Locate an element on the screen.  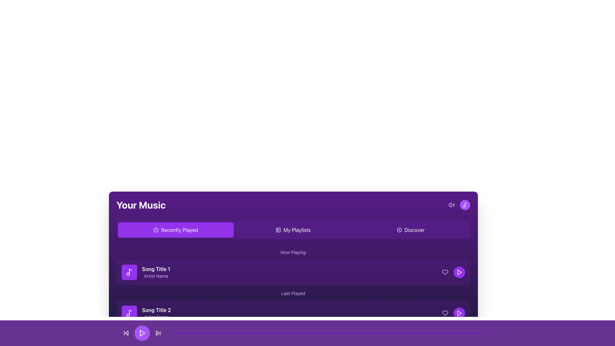
the triangular skip forward button located in the bottom control bar, which is the third control button to the right of the circular play button, to skip forward to the next item in the playlist is located at coordinates (158, 333).